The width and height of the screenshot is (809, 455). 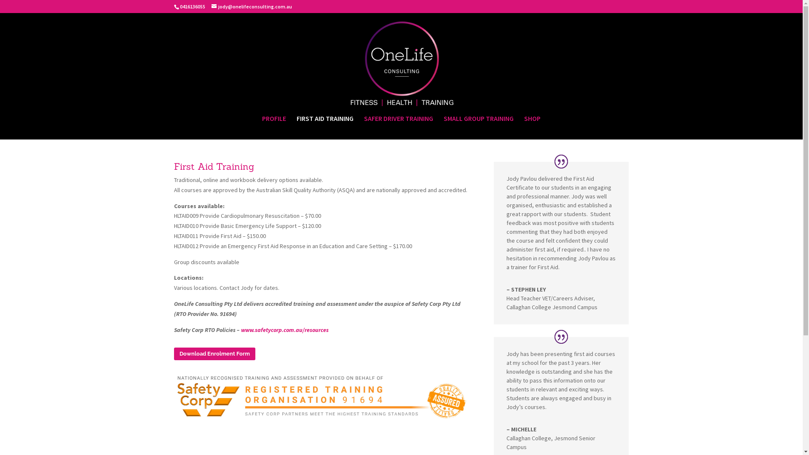 I want to click on 'SHOP', so click(x=532, y=127).